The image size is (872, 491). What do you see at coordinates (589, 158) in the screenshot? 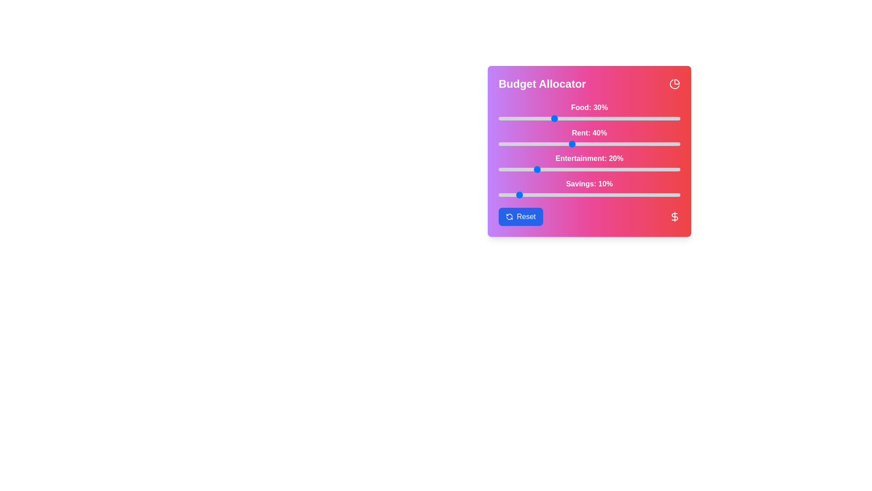
I see `the Label displaying 'Entertainment: 20%' with a bold font style and white color, located prominently above the slider in the budget allocation interface` at bounding box center [589, 158].